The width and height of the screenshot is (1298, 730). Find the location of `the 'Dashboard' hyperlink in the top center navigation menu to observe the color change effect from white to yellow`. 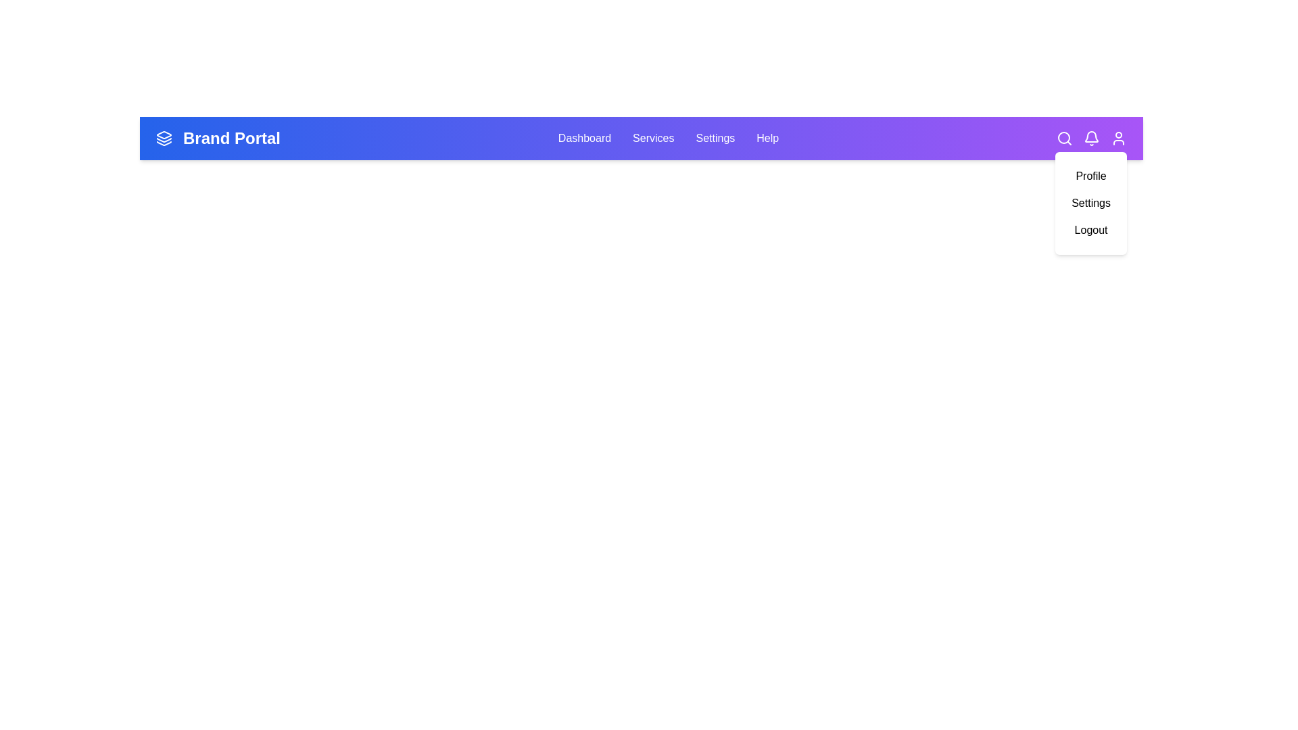

the 'Dashboard' hyperlink in the top center navigation menu to observe the color change effect from white to yellow is located at coordinates (584, 138).